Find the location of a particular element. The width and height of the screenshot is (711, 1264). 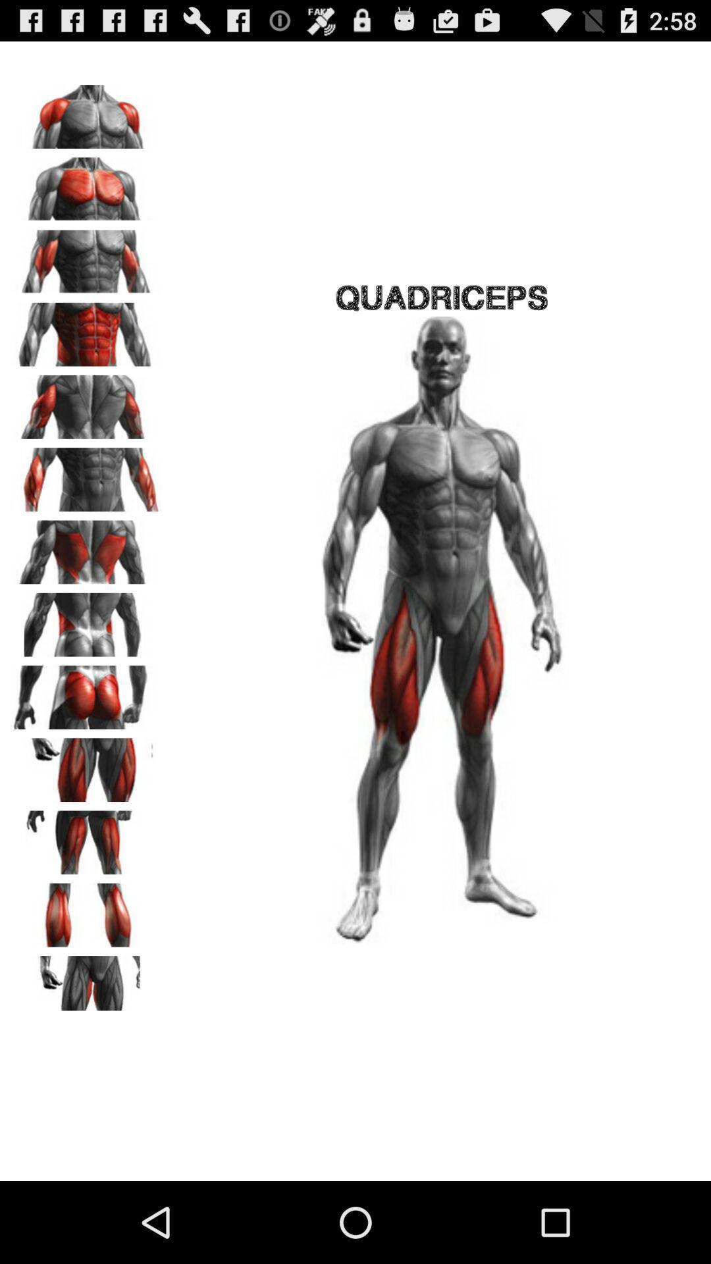

selecting arms is located at coordinates (86, 474).